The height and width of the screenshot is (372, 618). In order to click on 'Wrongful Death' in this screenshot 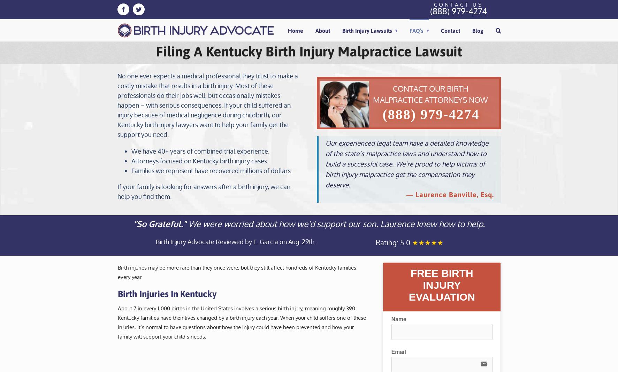, I will do `click(369, 293)`.